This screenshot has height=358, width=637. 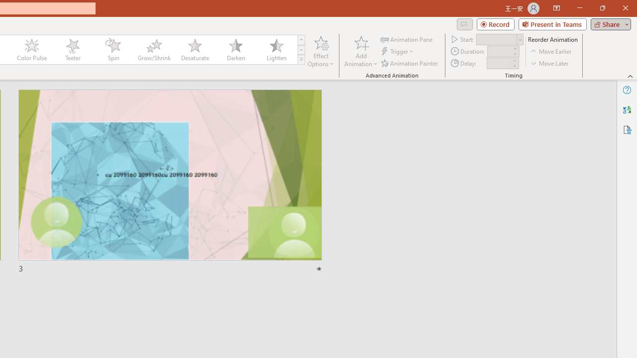 I want to click on 'Grow/Shrink', so click(x=153, y=50).